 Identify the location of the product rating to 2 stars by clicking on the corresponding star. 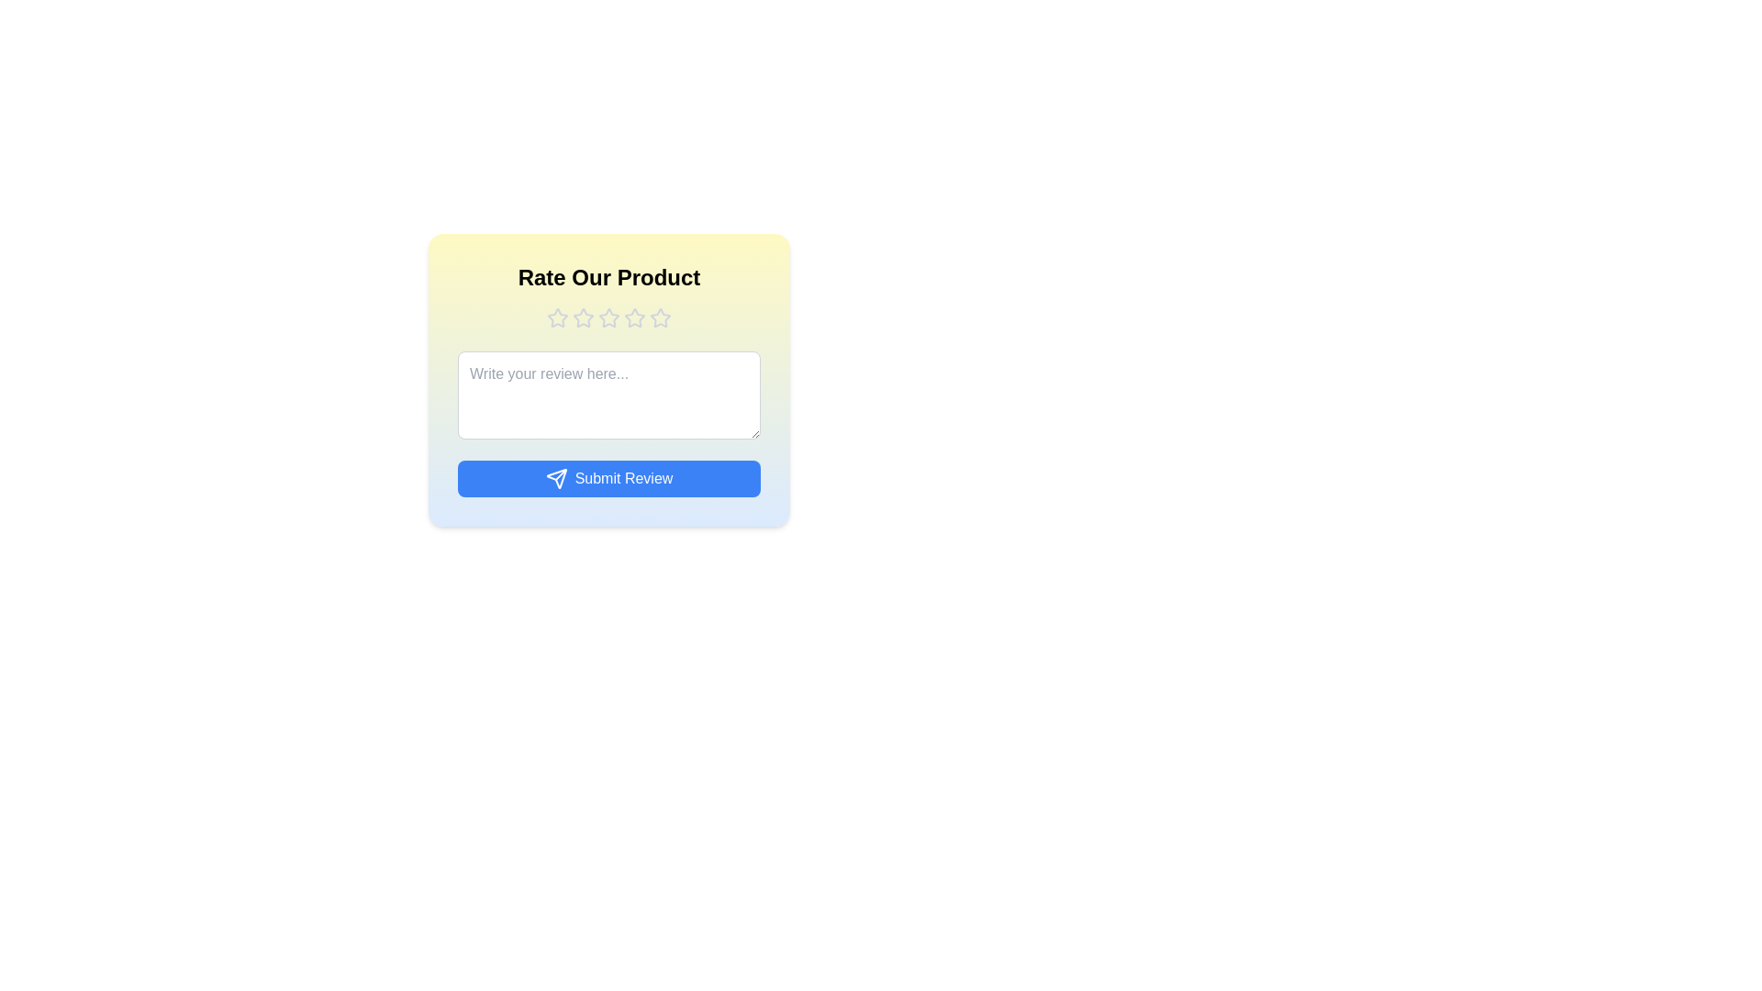
(582, 317).